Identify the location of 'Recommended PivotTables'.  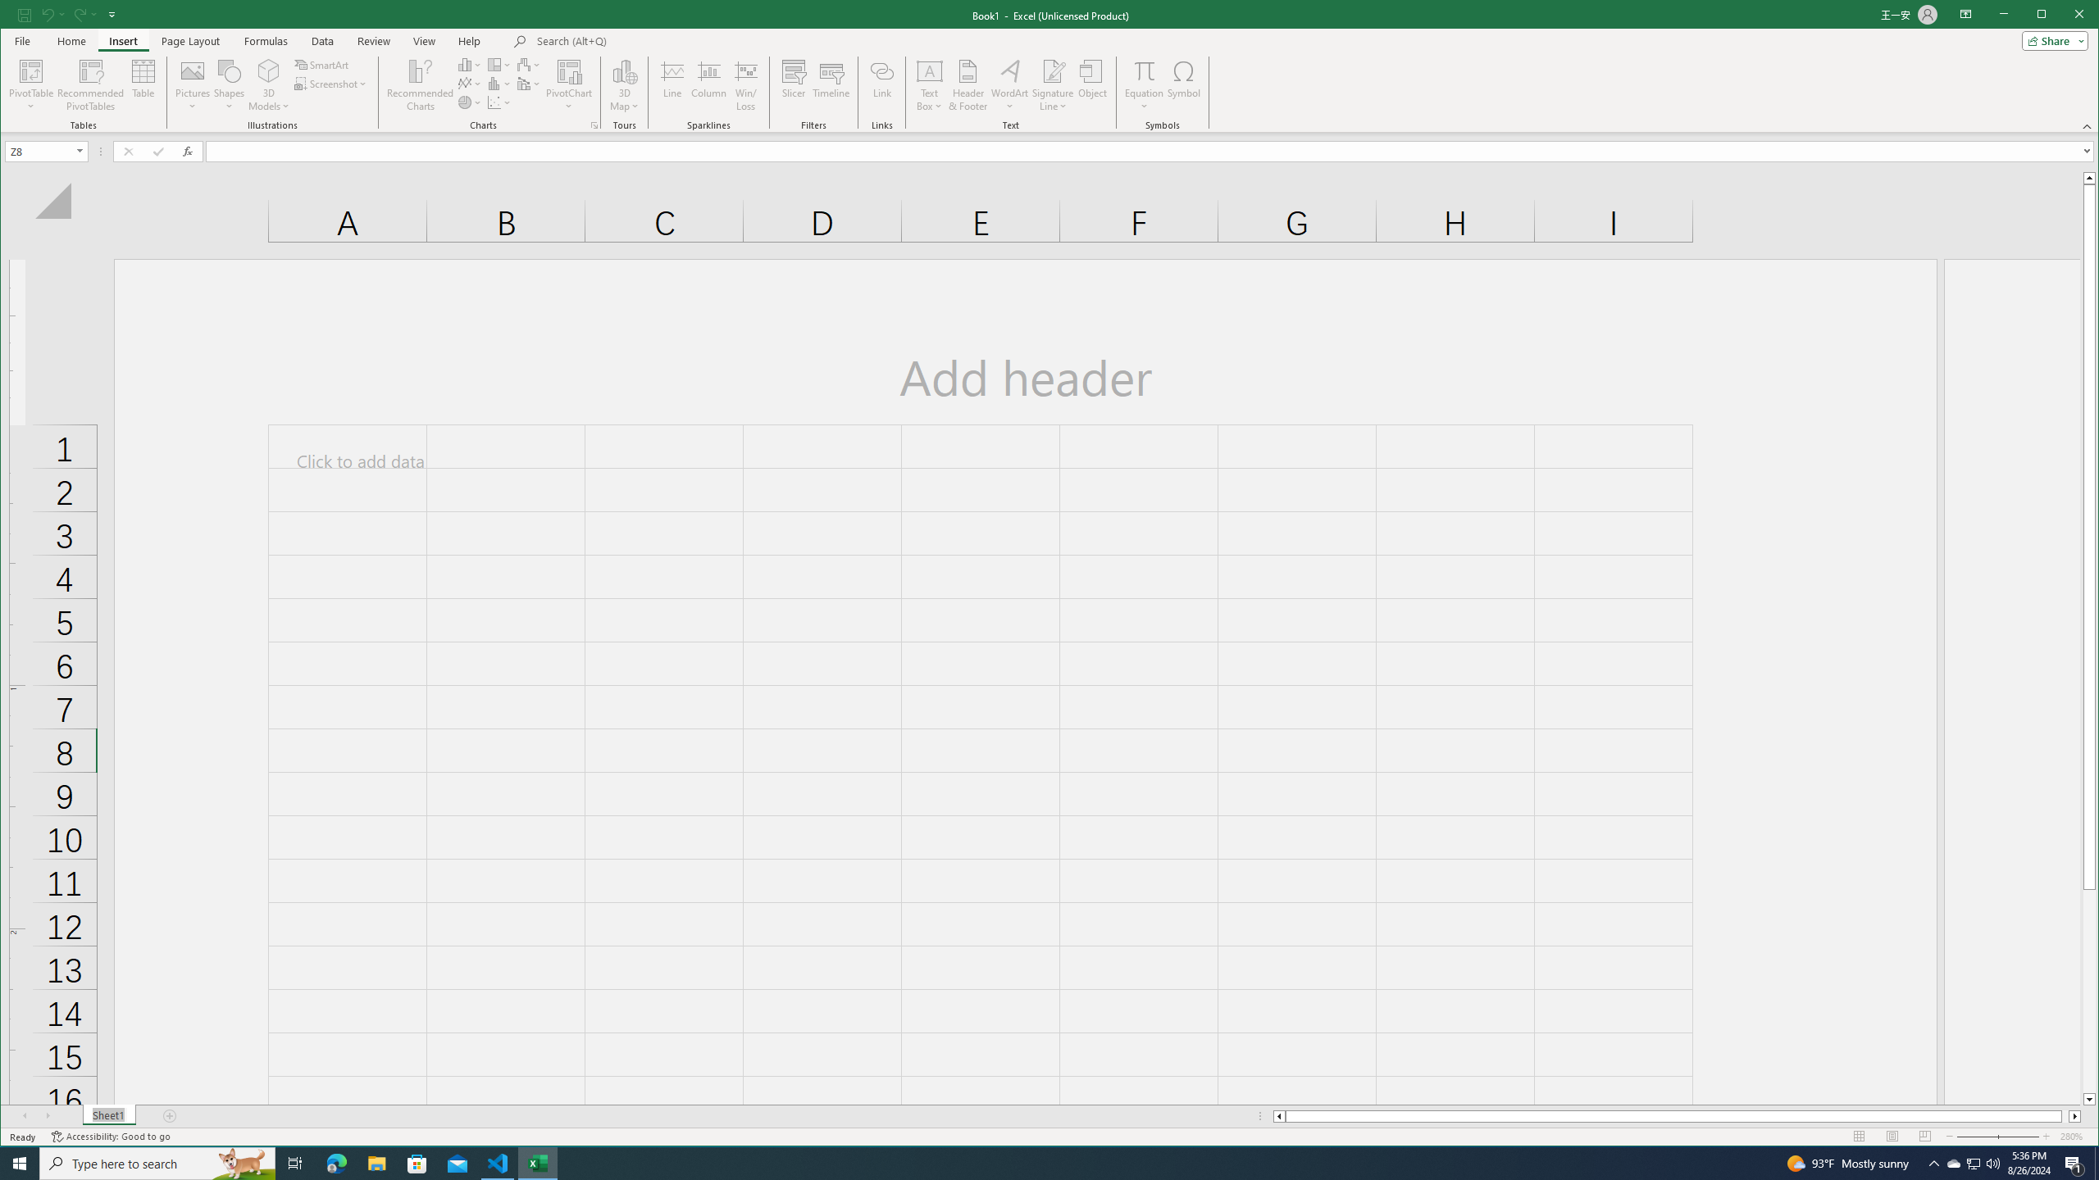
(90, 84).